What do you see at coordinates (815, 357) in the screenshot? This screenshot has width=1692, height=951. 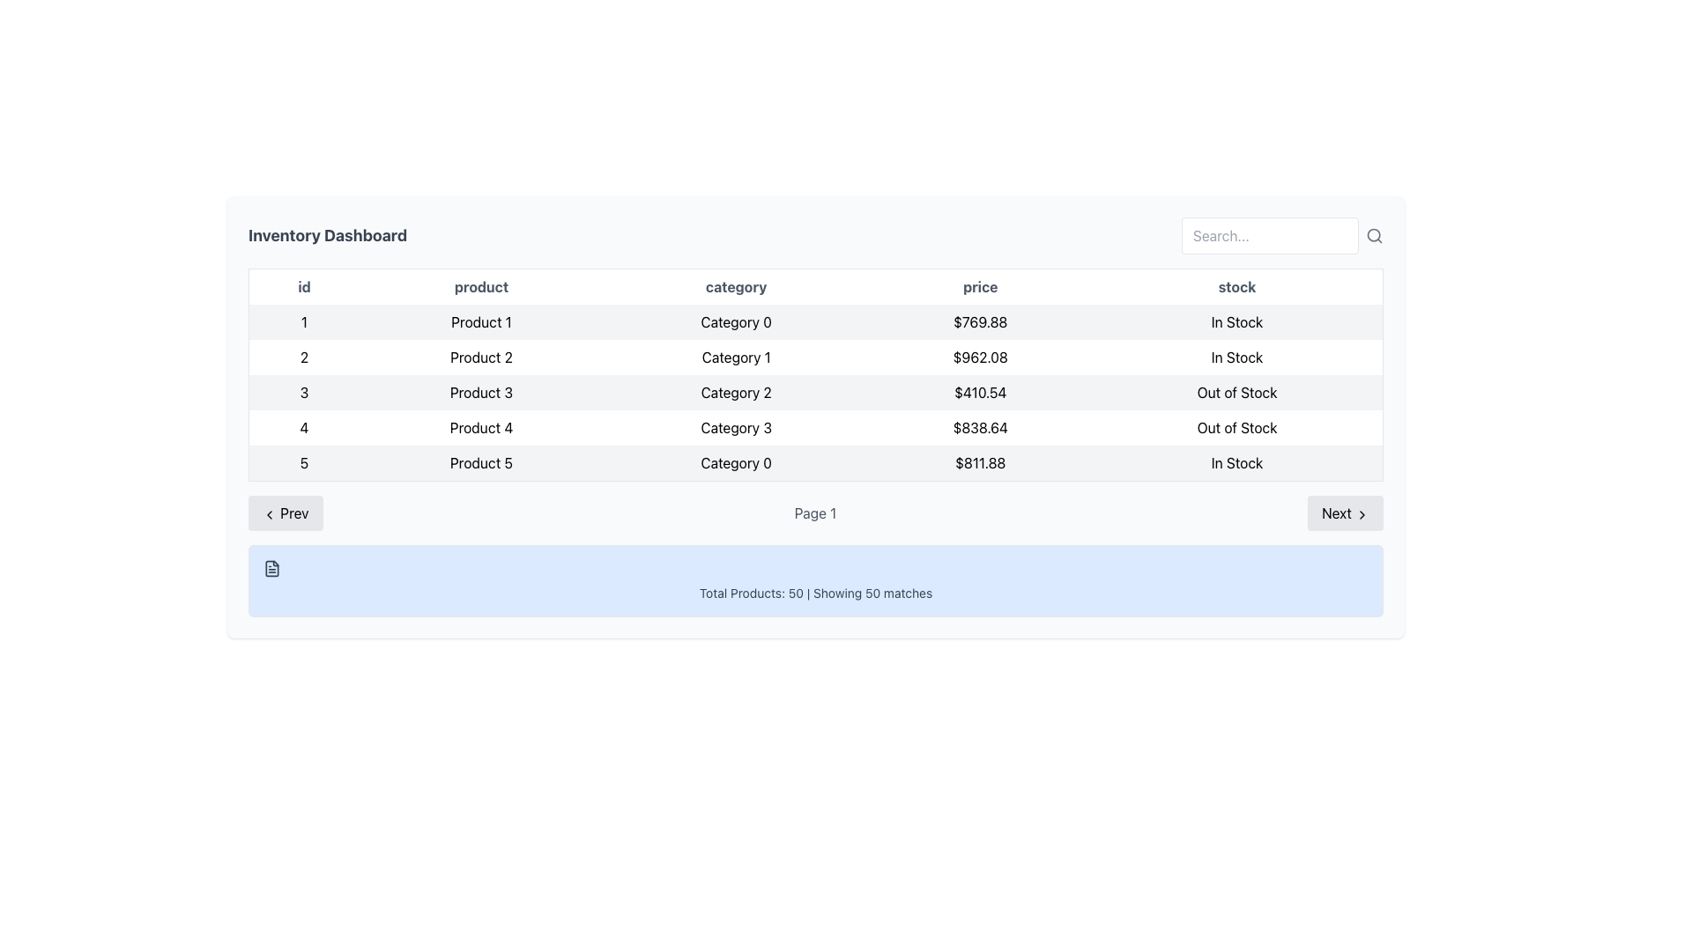 I see `the second row of the data table, which displays product information including ID, name, category, price, and stock status` at bounding box center [815, 357].